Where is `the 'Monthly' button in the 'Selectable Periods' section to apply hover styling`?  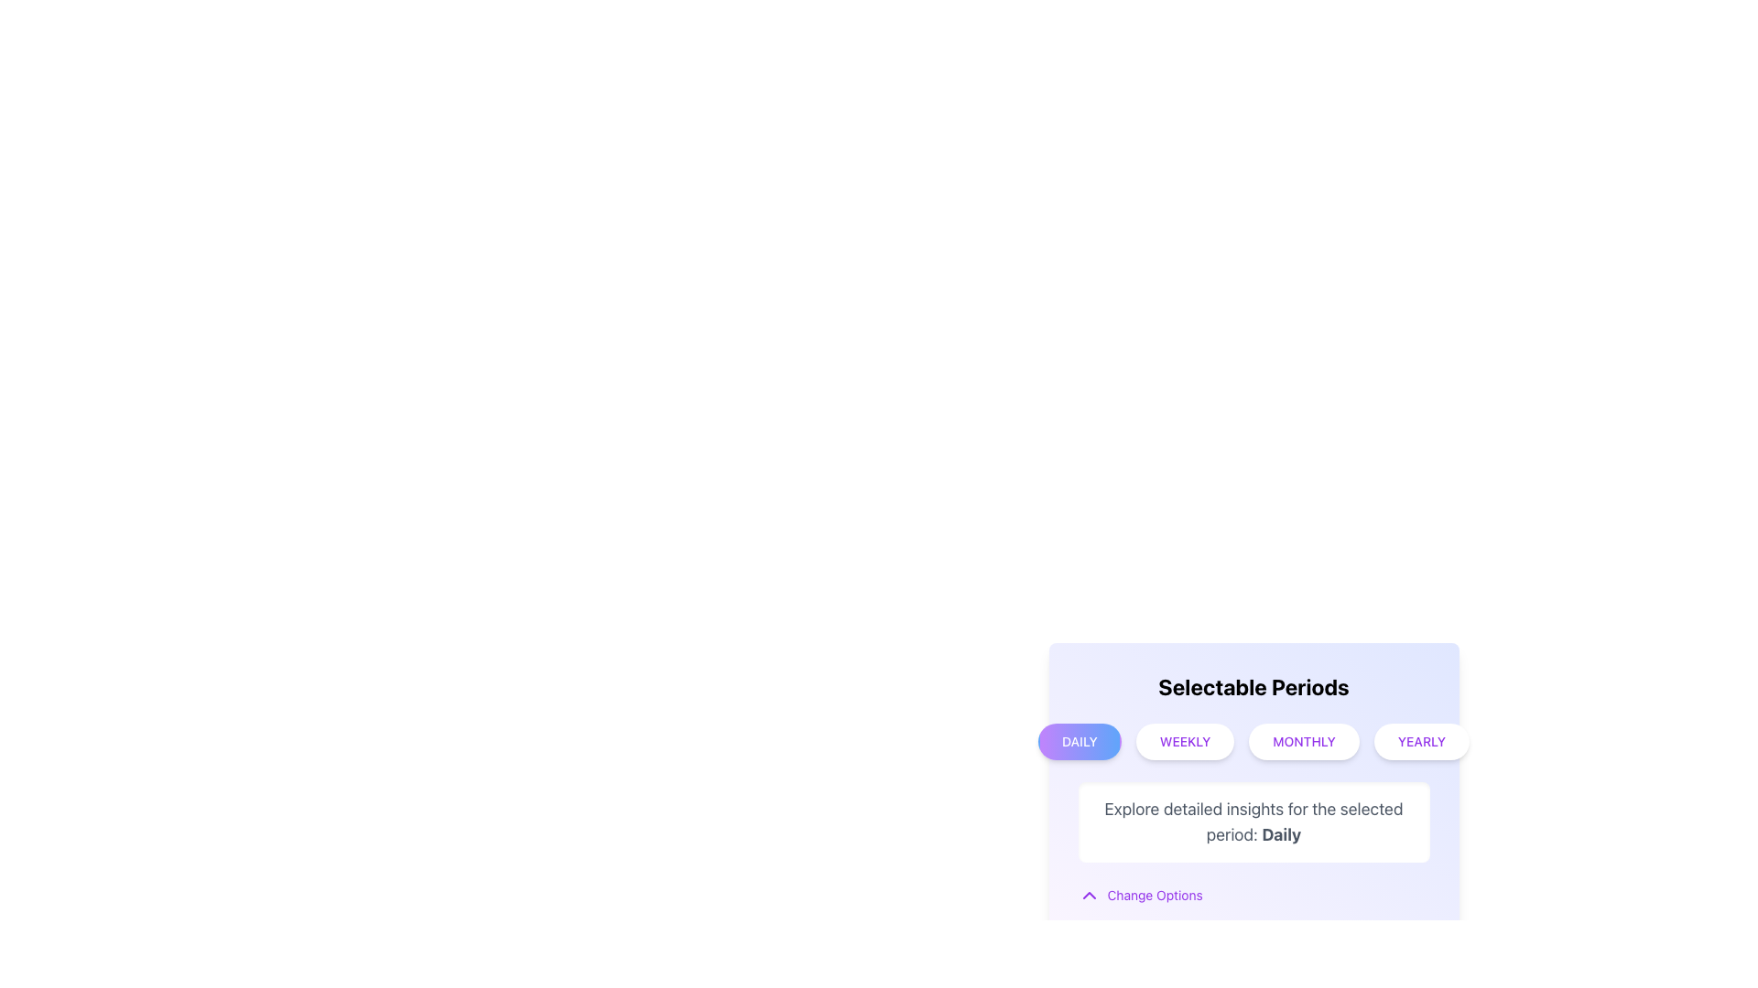 the 'Monthly' button in the 'Selectable Periods' section to apply hover styling is located at coordinates (1303, 741).